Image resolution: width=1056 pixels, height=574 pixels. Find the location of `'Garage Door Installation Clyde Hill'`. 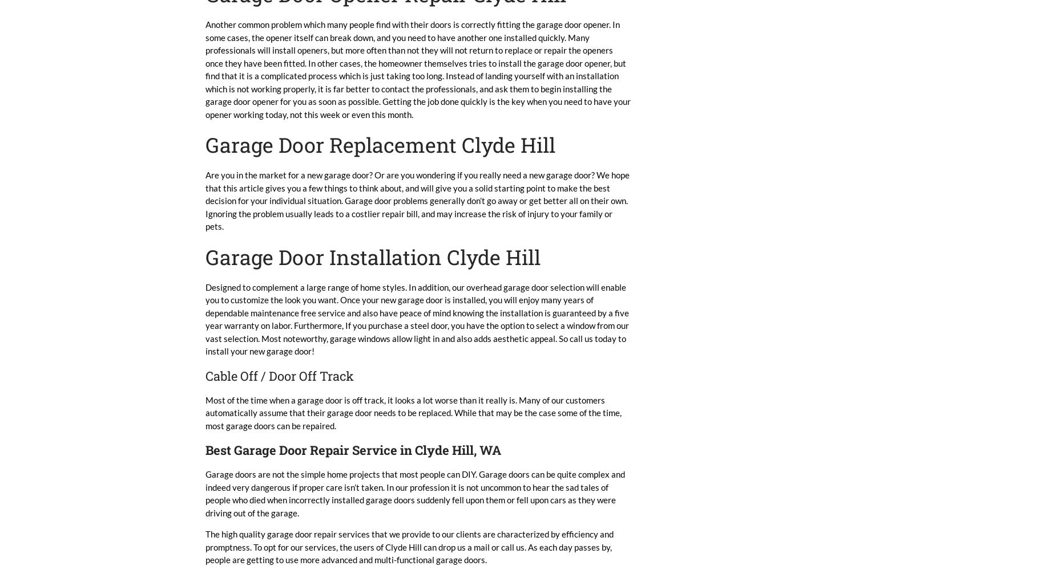

'Garage Door Installation Clyde Hill' is located at coordinates (373, 257).